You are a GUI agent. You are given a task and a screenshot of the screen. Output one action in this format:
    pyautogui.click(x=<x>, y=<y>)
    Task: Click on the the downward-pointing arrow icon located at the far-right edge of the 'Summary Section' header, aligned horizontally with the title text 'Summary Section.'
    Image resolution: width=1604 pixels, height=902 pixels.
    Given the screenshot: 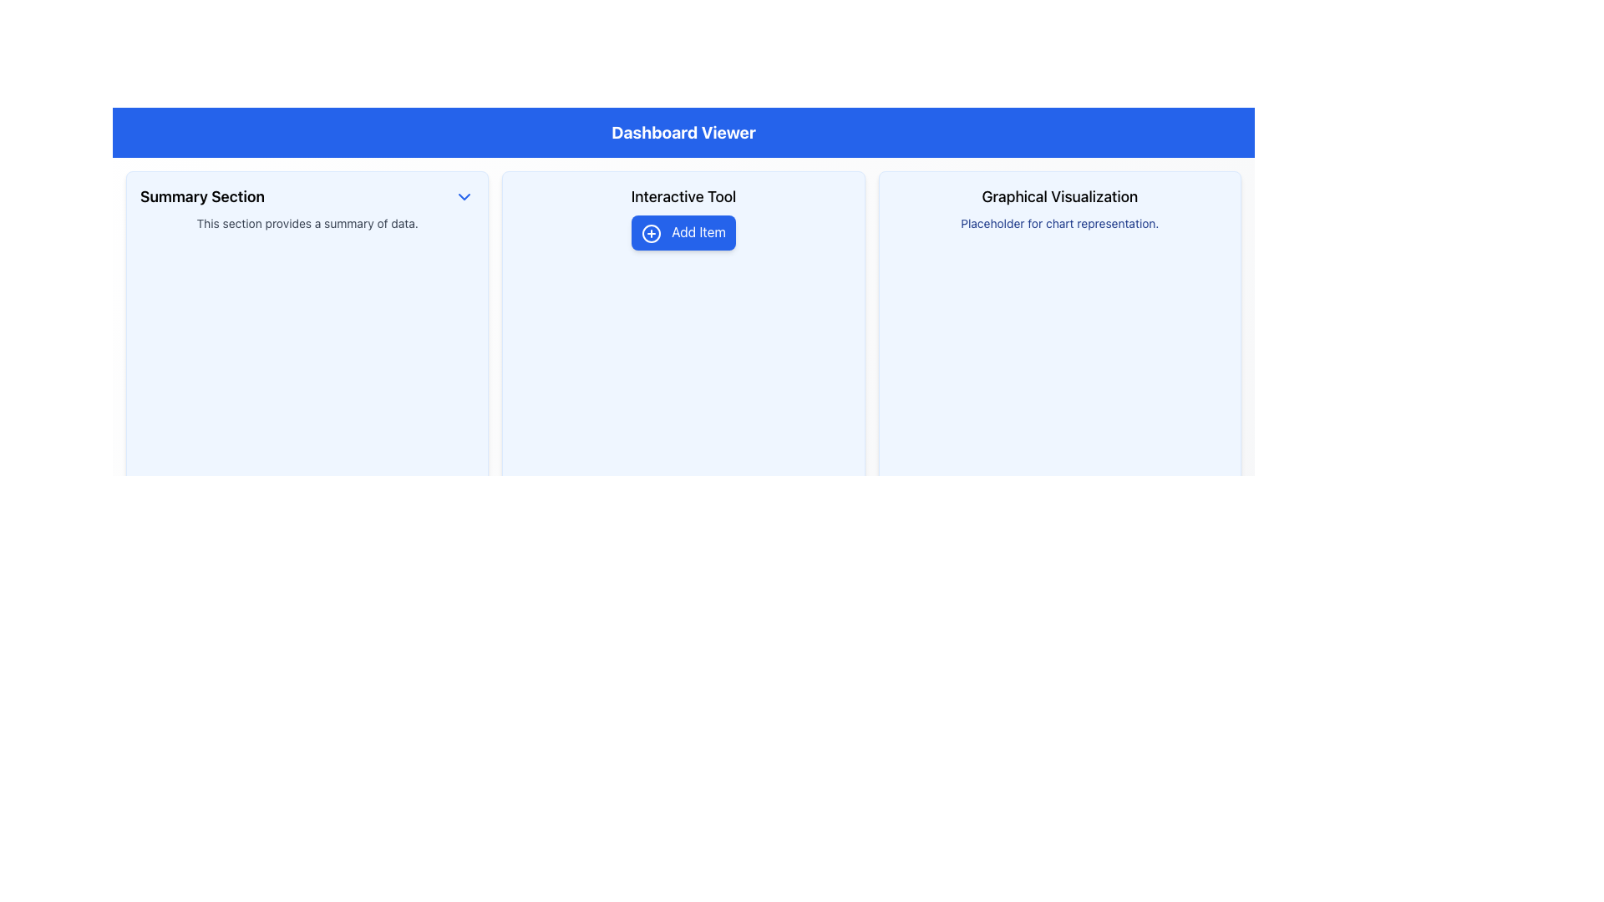 What is the action you would take?
    pyautogui.click(x=464, y=195)
    